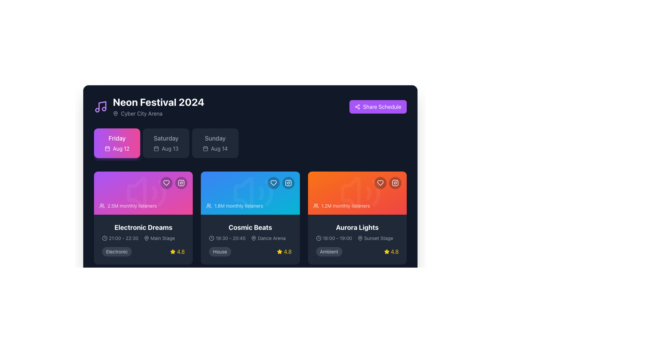 The image size is (647, 364). I want to click on the composite element displaying the genre 'Ambient' and the rating '4.8' for the 'Aurora Lights' event, located in the bottom-right corner of the event card, so click(357, 252).